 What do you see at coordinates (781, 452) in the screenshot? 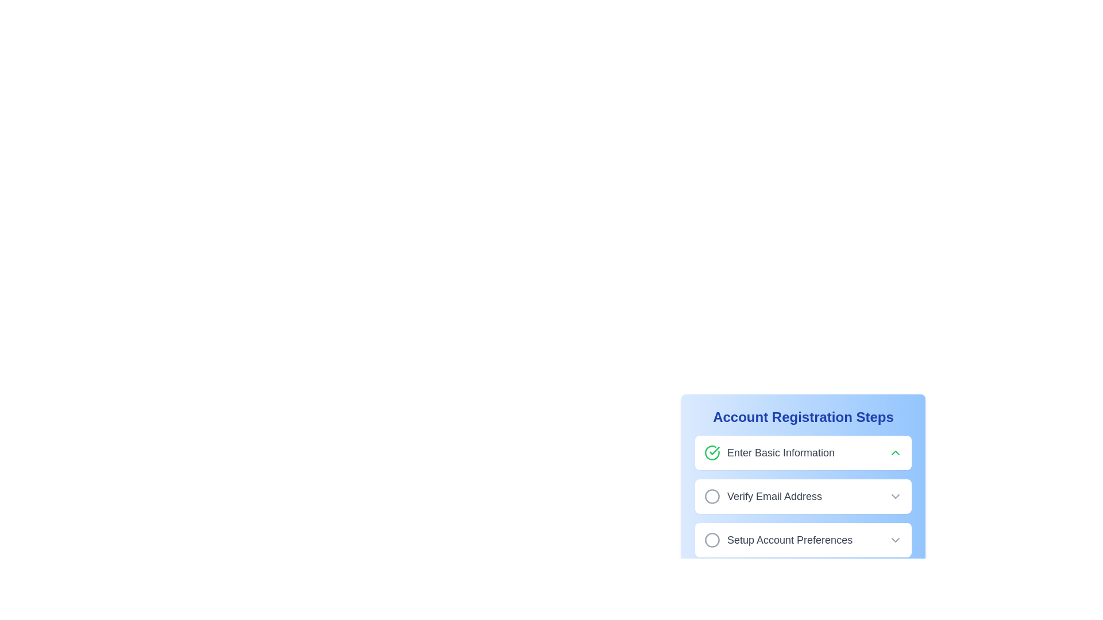
I see `the Static Text Label that reads 'Enter Basic Information', which is styled with gray color and positioned to the right of a green checkmark icon` at bounding box center [781, 452].